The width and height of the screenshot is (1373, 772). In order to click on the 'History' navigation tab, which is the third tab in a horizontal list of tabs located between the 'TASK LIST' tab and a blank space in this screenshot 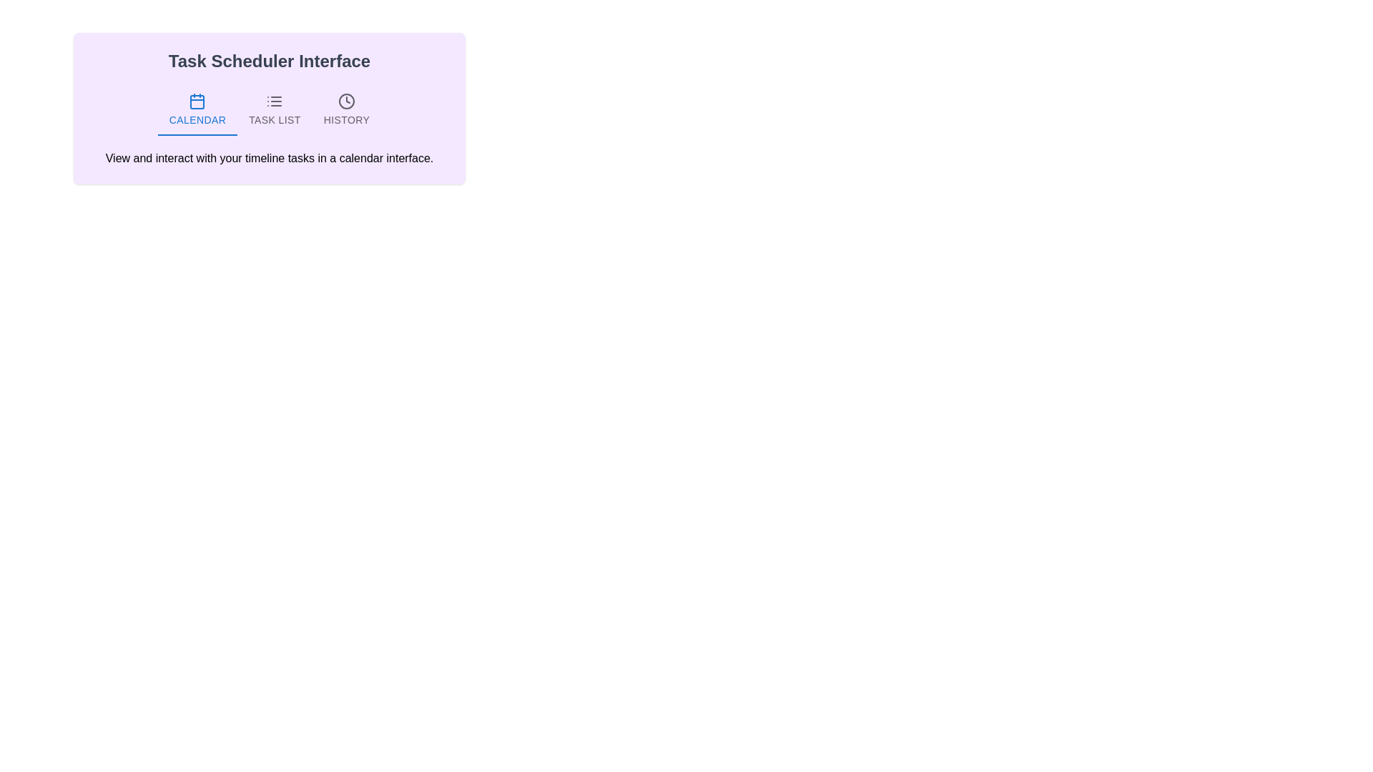, I will do `click(346, 109)`.